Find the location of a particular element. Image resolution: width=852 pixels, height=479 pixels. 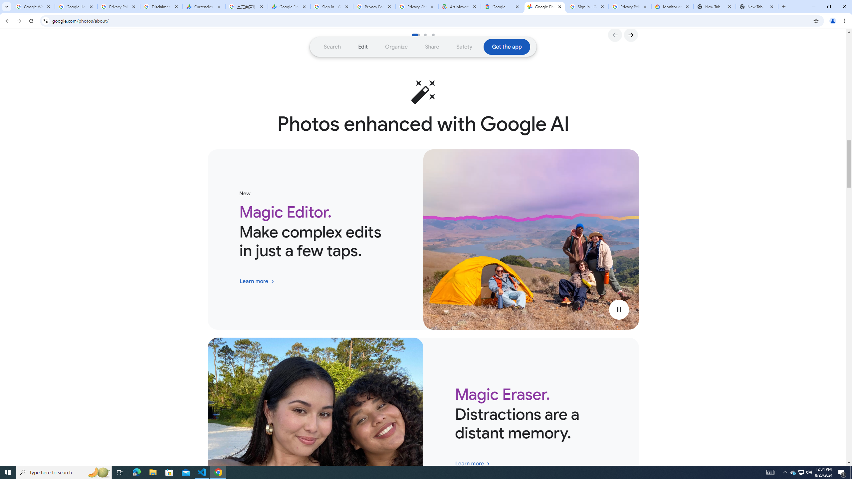

'Go to slide 1' is located at coordinates (415, 35).